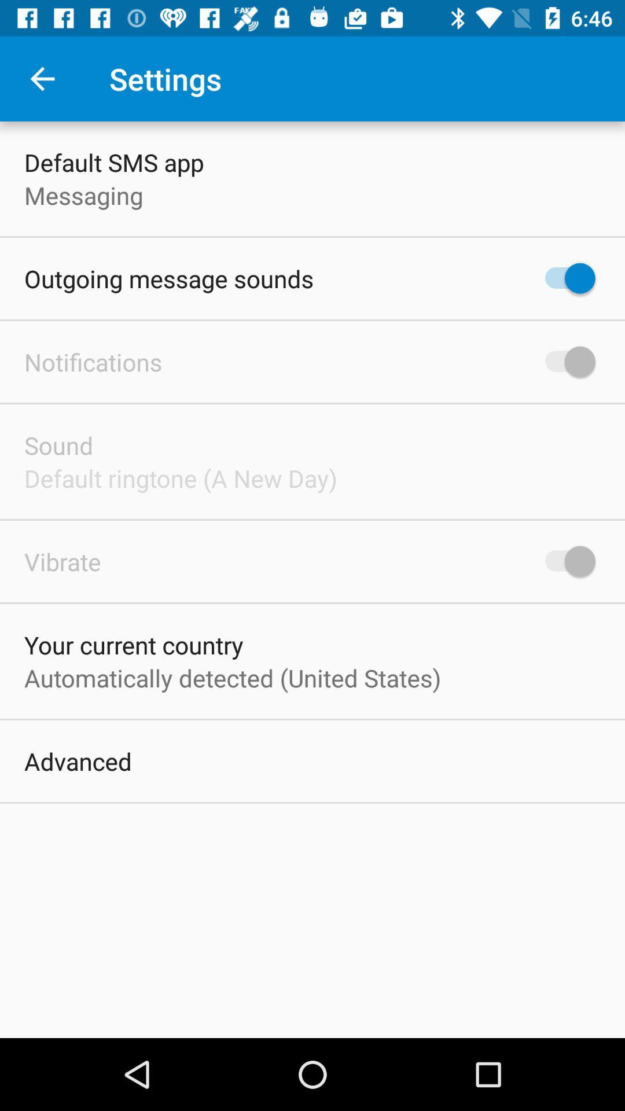 This screenshot has height=1111, width=625. Describe the element at coordinates (232, 678) in the screenshot. I see `item below the your current country icon` at that location.